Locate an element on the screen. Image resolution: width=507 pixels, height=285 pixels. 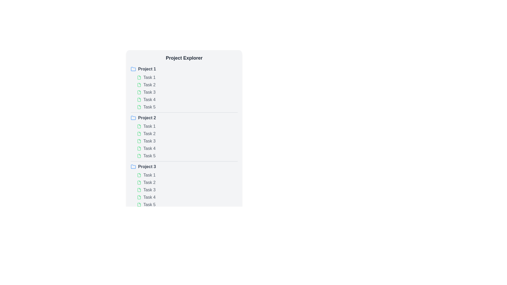
the list item labeled 'Task 5' is located at coordinates (187, 107).